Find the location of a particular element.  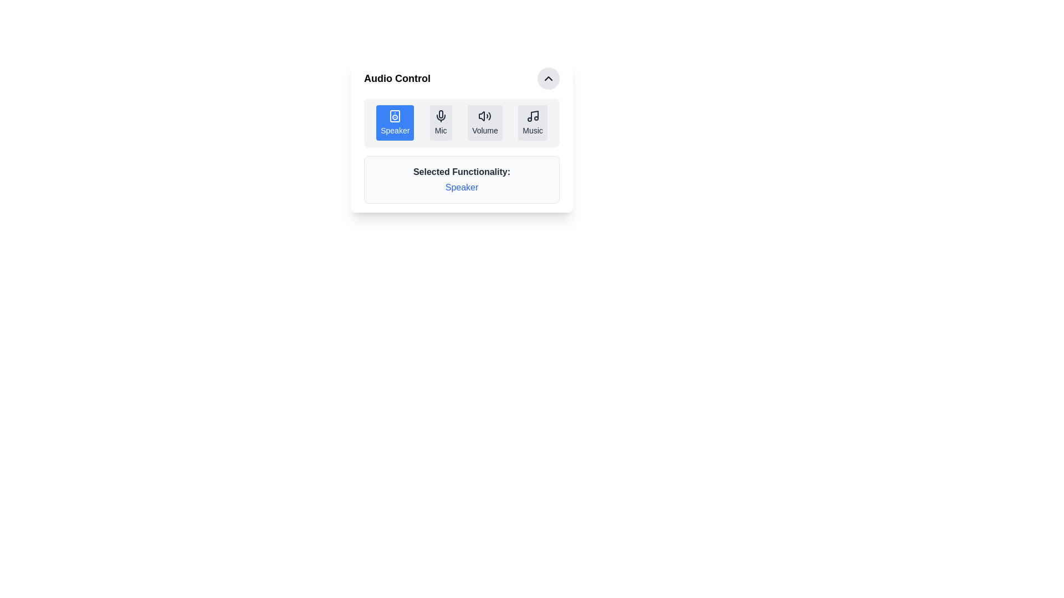

the 'Music' button which contains a musical note icon, located on the rightmost side of the 'Audio Control' section is located at coordinates (533, 116).